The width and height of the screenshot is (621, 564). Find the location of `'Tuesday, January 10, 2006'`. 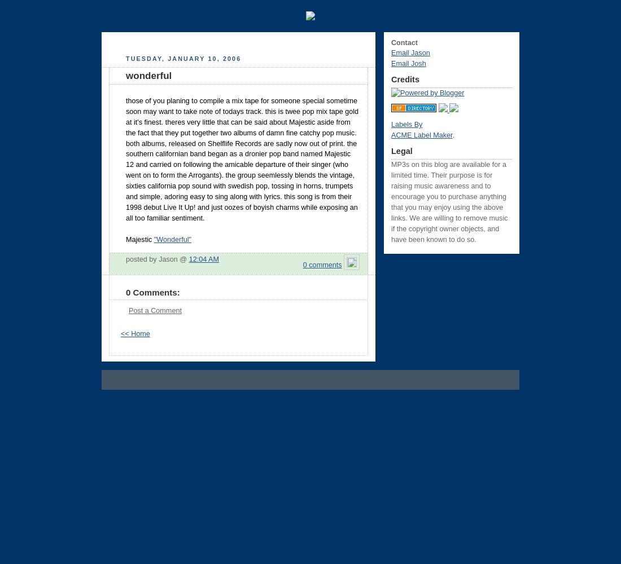

'Tuesday, January 10, 2006' is located at coordinates (183, 58).